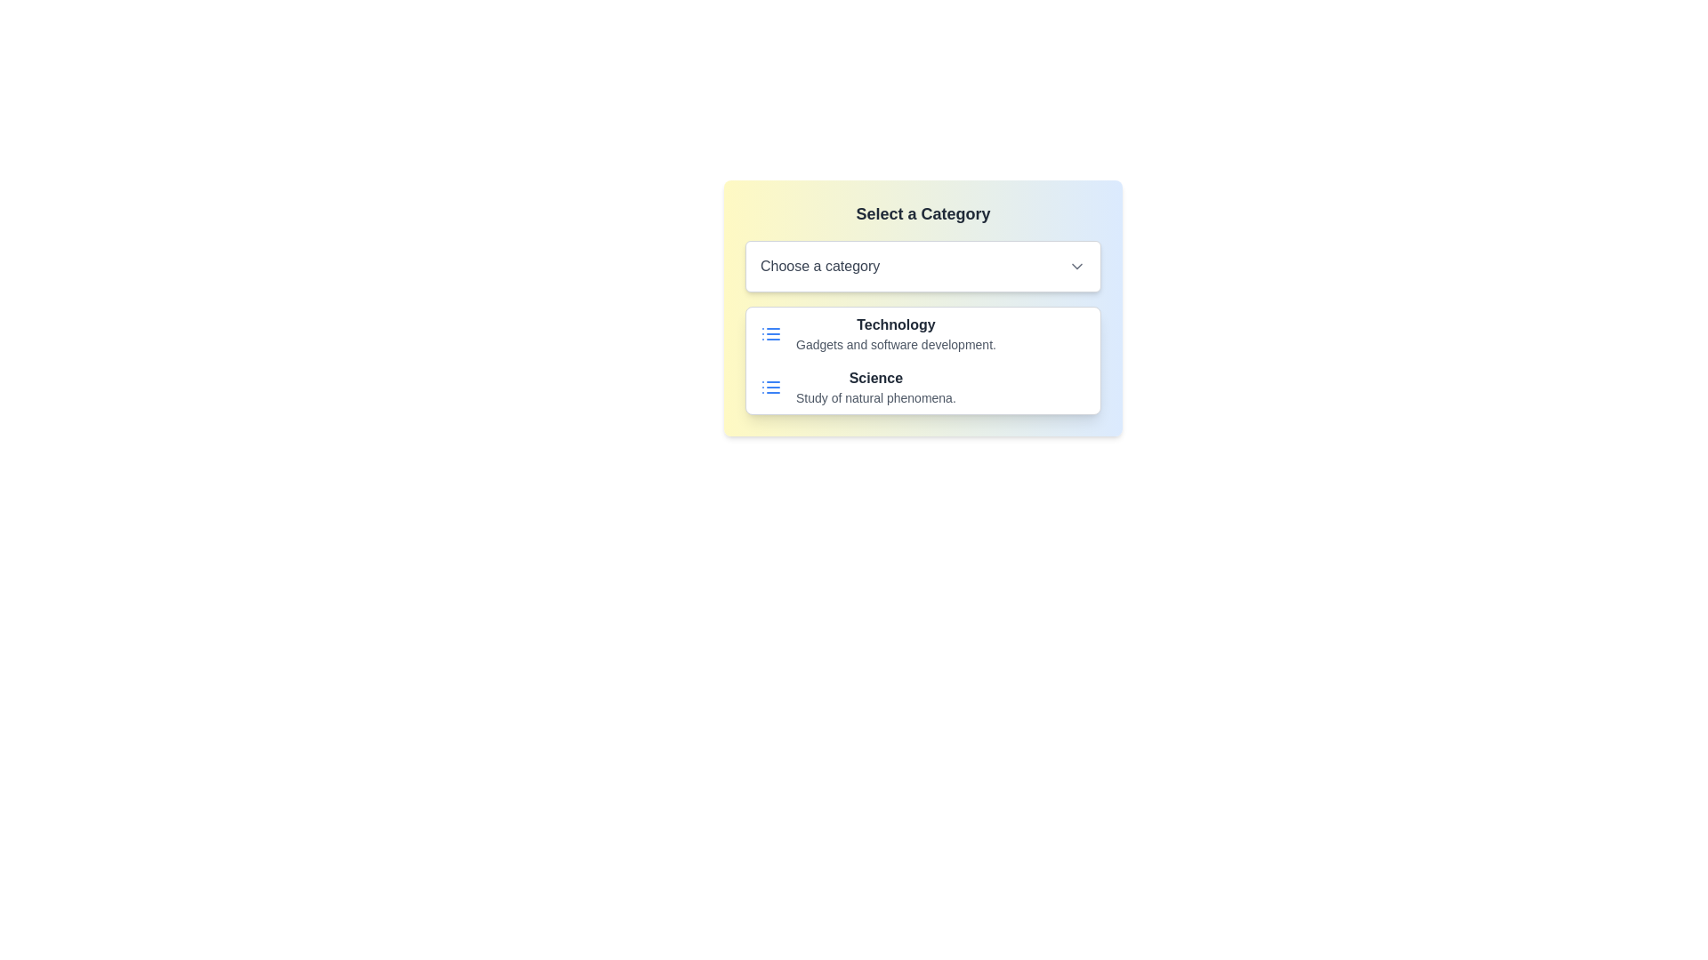 This screenshot has height=960, width=1708. Describe the element at coordinates (875, 386) in the screenshot. I see `the text block labeled 'Science' which describes the 'Study of natural phenomena.' for additional actions` at that location.